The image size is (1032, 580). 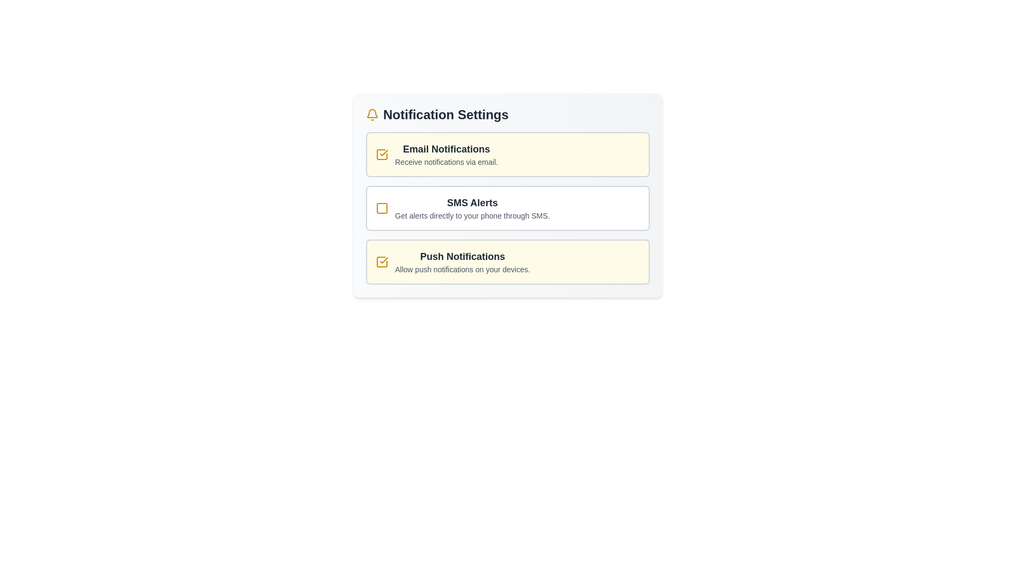 I want to click on the static text element that reads 'Allow push notifications on your devices.' located below the 'Push Notifications' heading, so click(x=462, y=269).